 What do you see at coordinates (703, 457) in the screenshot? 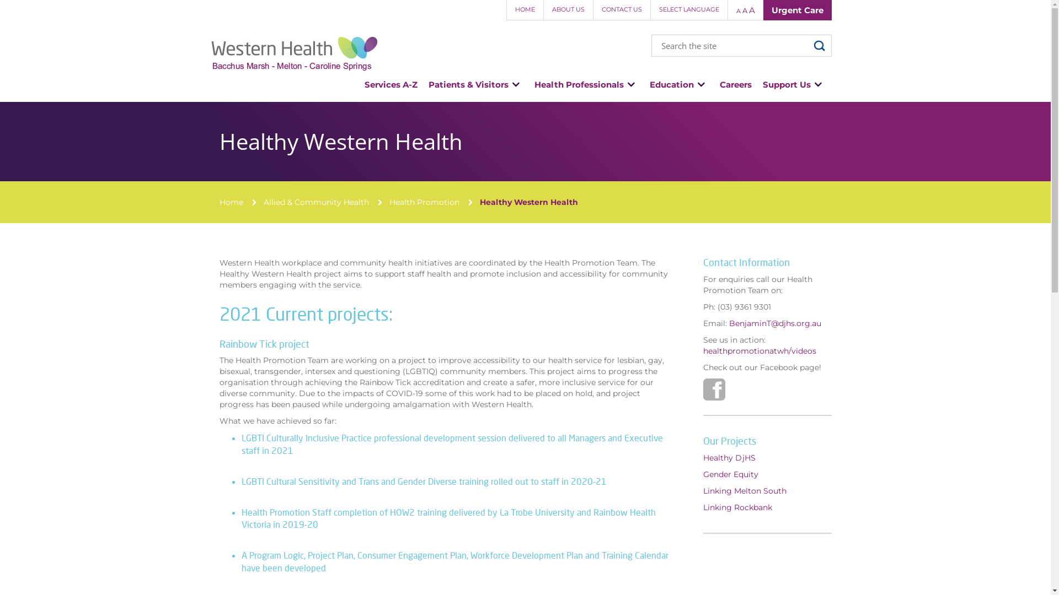
I see `'Healthy DjHS'` at bounding box center [703, 457].